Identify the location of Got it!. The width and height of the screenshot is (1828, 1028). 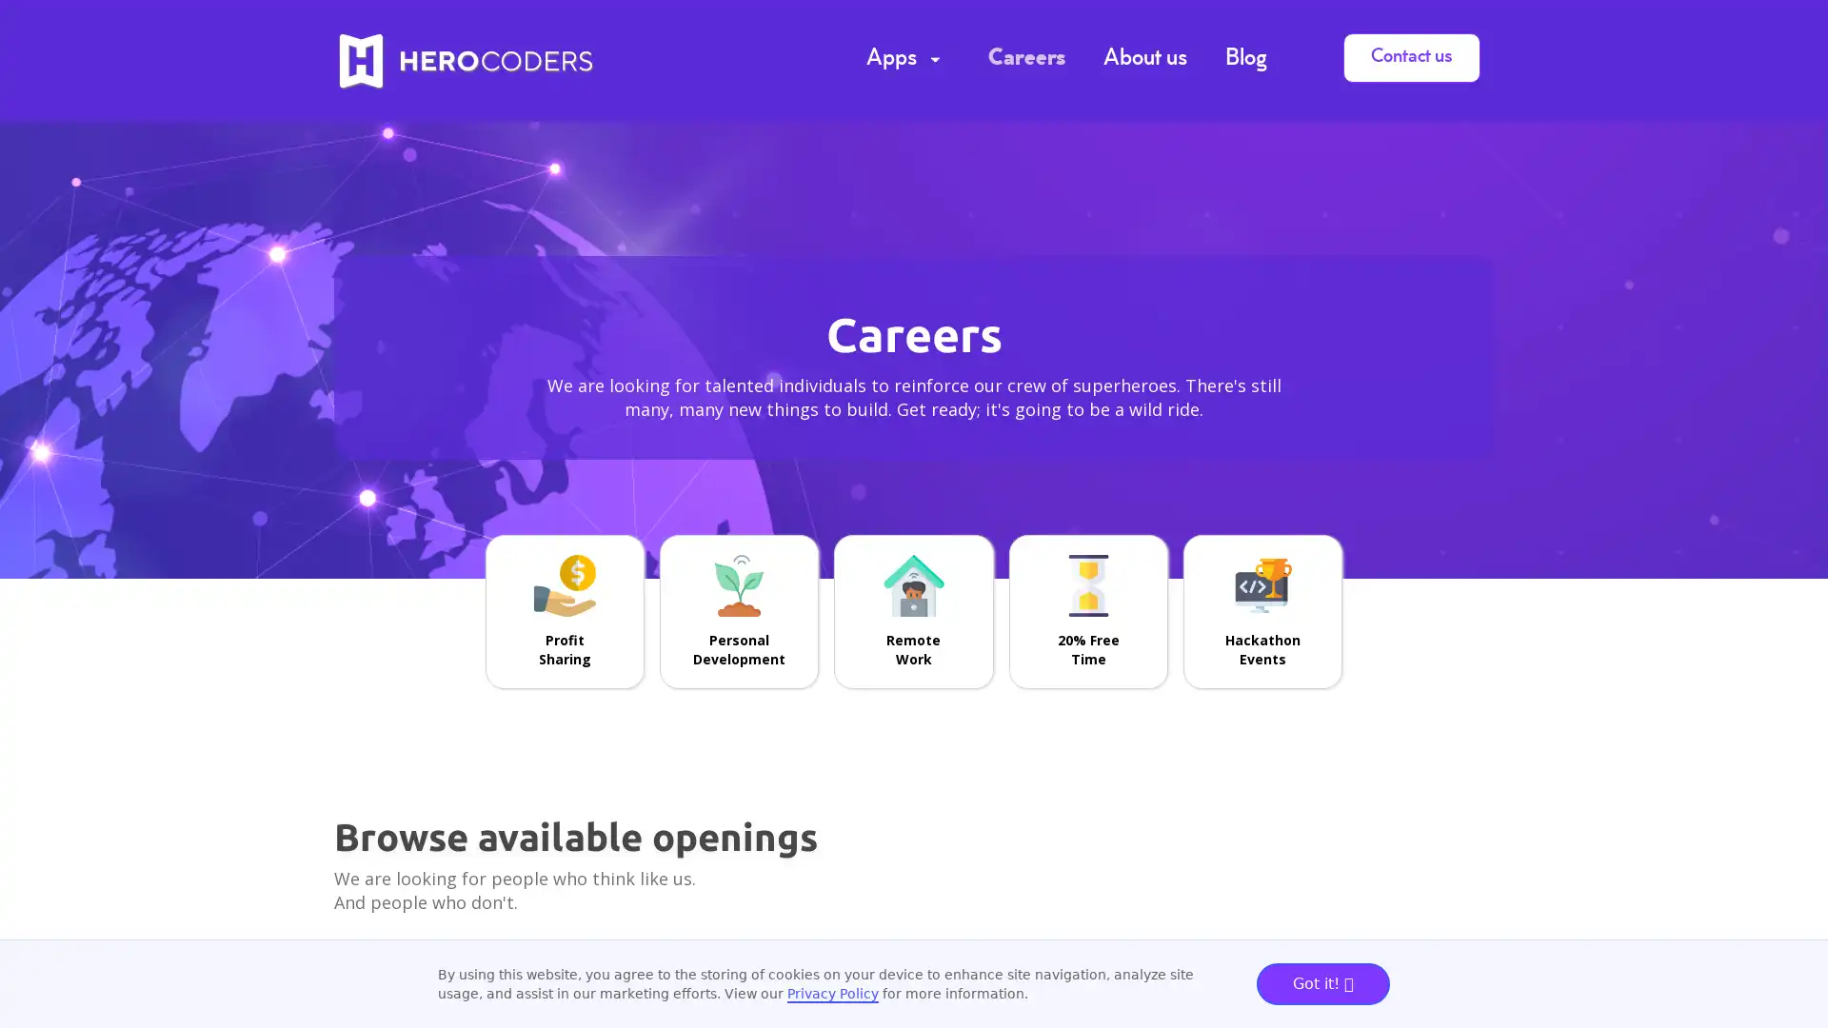
(1322, 983).